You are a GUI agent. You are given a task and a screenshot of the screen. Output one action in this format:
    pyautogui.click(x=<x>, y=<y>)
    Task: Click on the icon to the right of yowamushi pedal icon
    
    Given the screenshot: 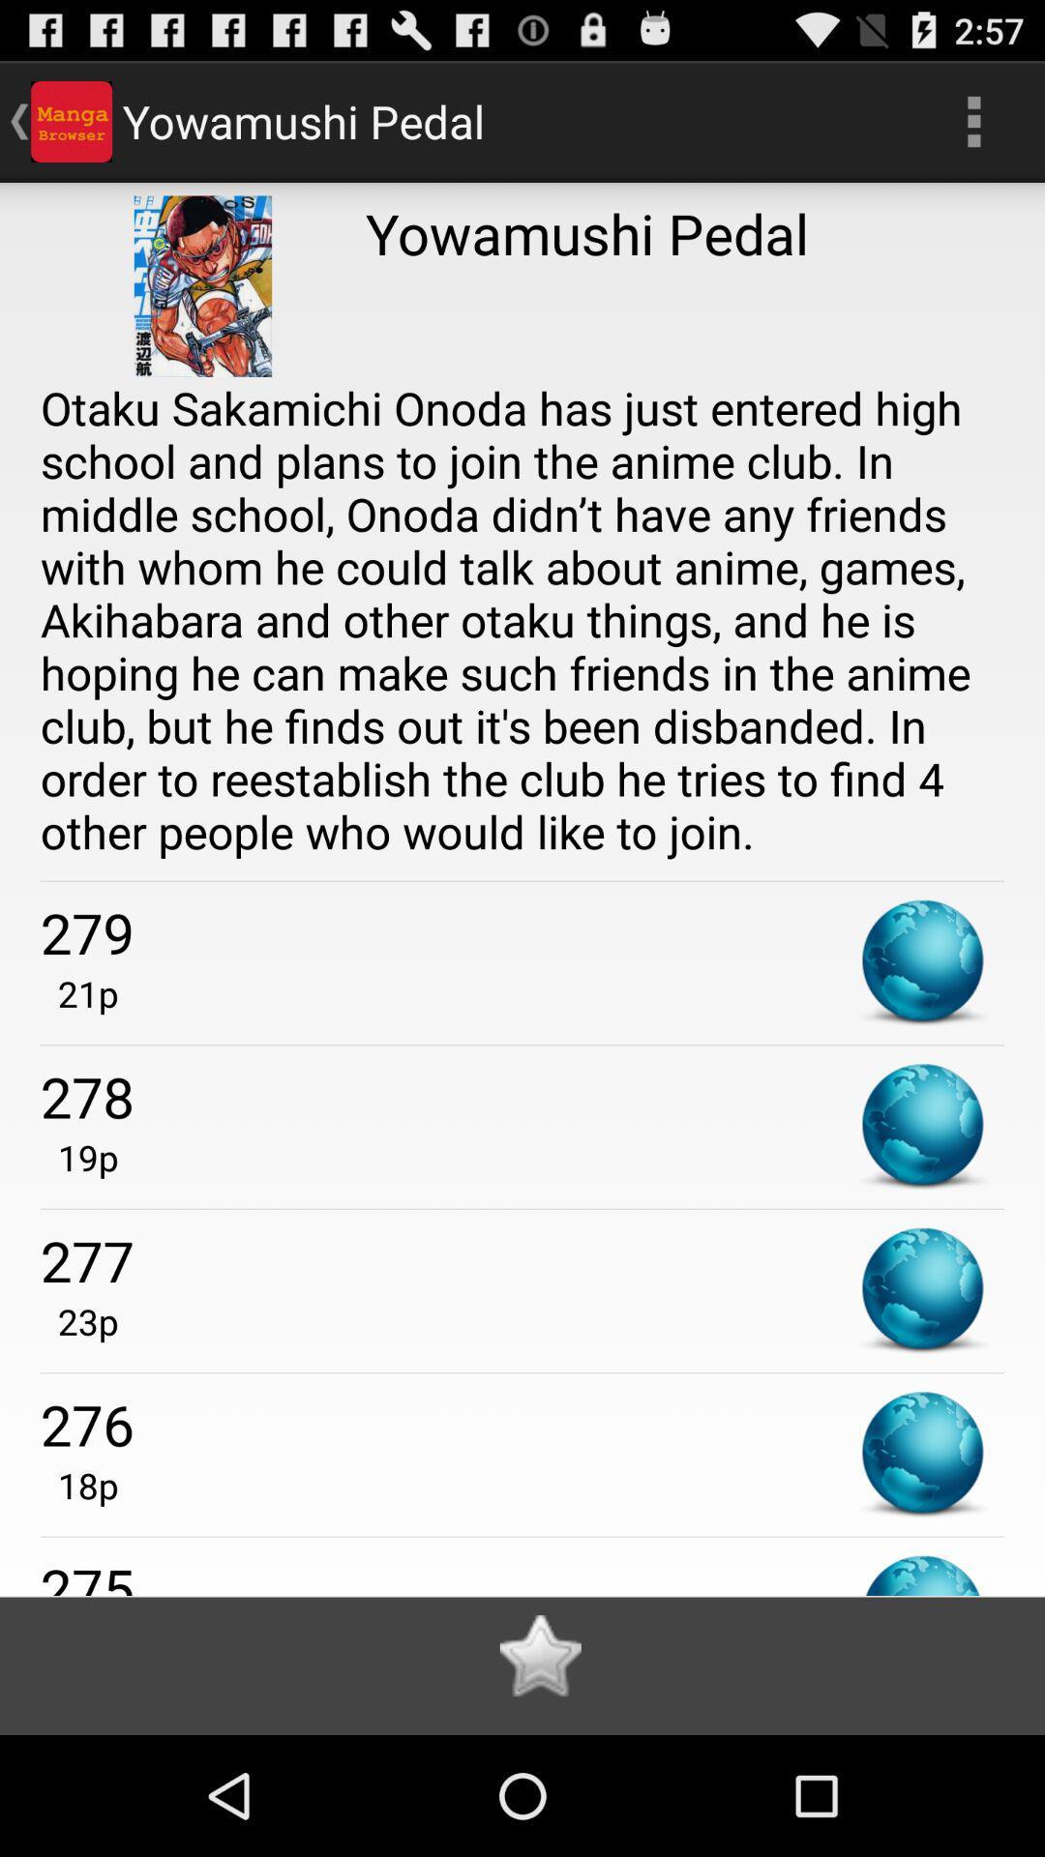 What is the action you would take?
    pyautogui.click(x=973, y=120)
    